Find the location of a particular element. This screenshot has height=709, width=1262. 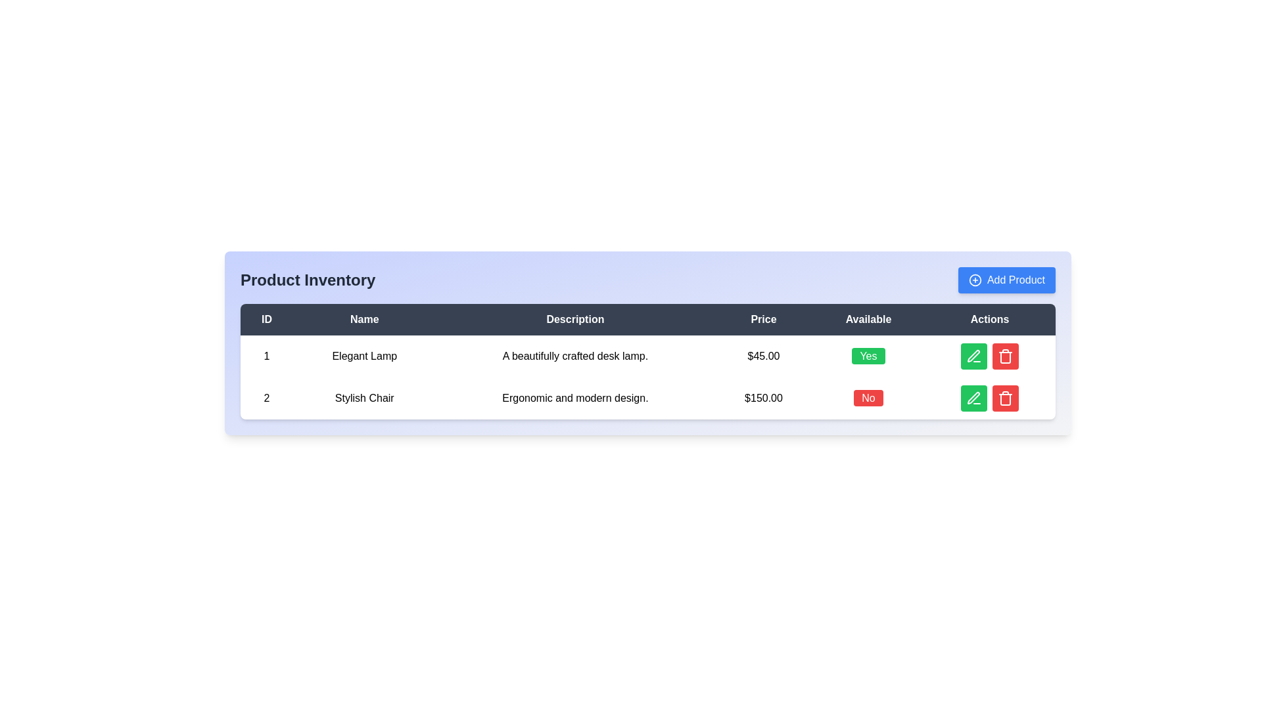

the product name text located in the second row of the table, directly under the 'Name' header and to the right of ID '2' is located at coordinates (364, 397).